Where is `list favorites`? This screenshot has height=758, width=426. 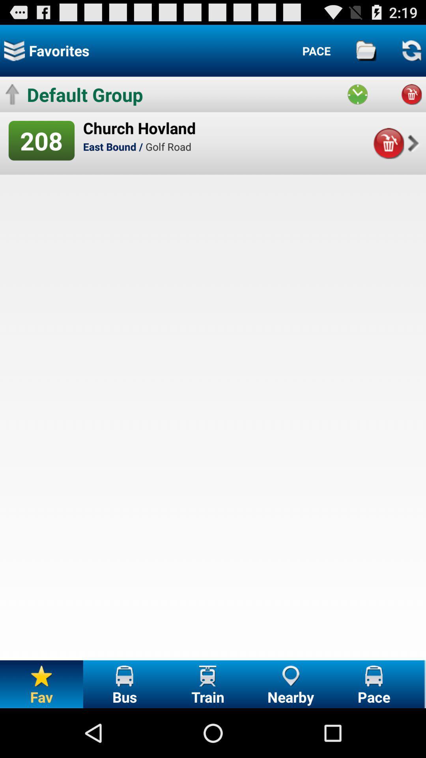 list favorites is located at coordinates (14, 50).